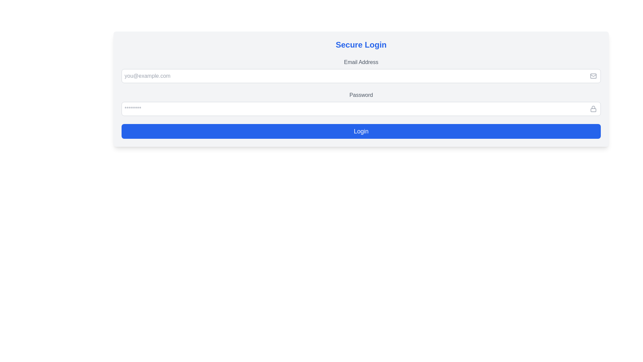 The width and height of the screenshot is (643, 362). What do you see at coordinates (361, 95) in the screenshot?
I see `the 'Password' label, which is styled in gray font and positioned above the password input field` at bounding box center [361, 95].